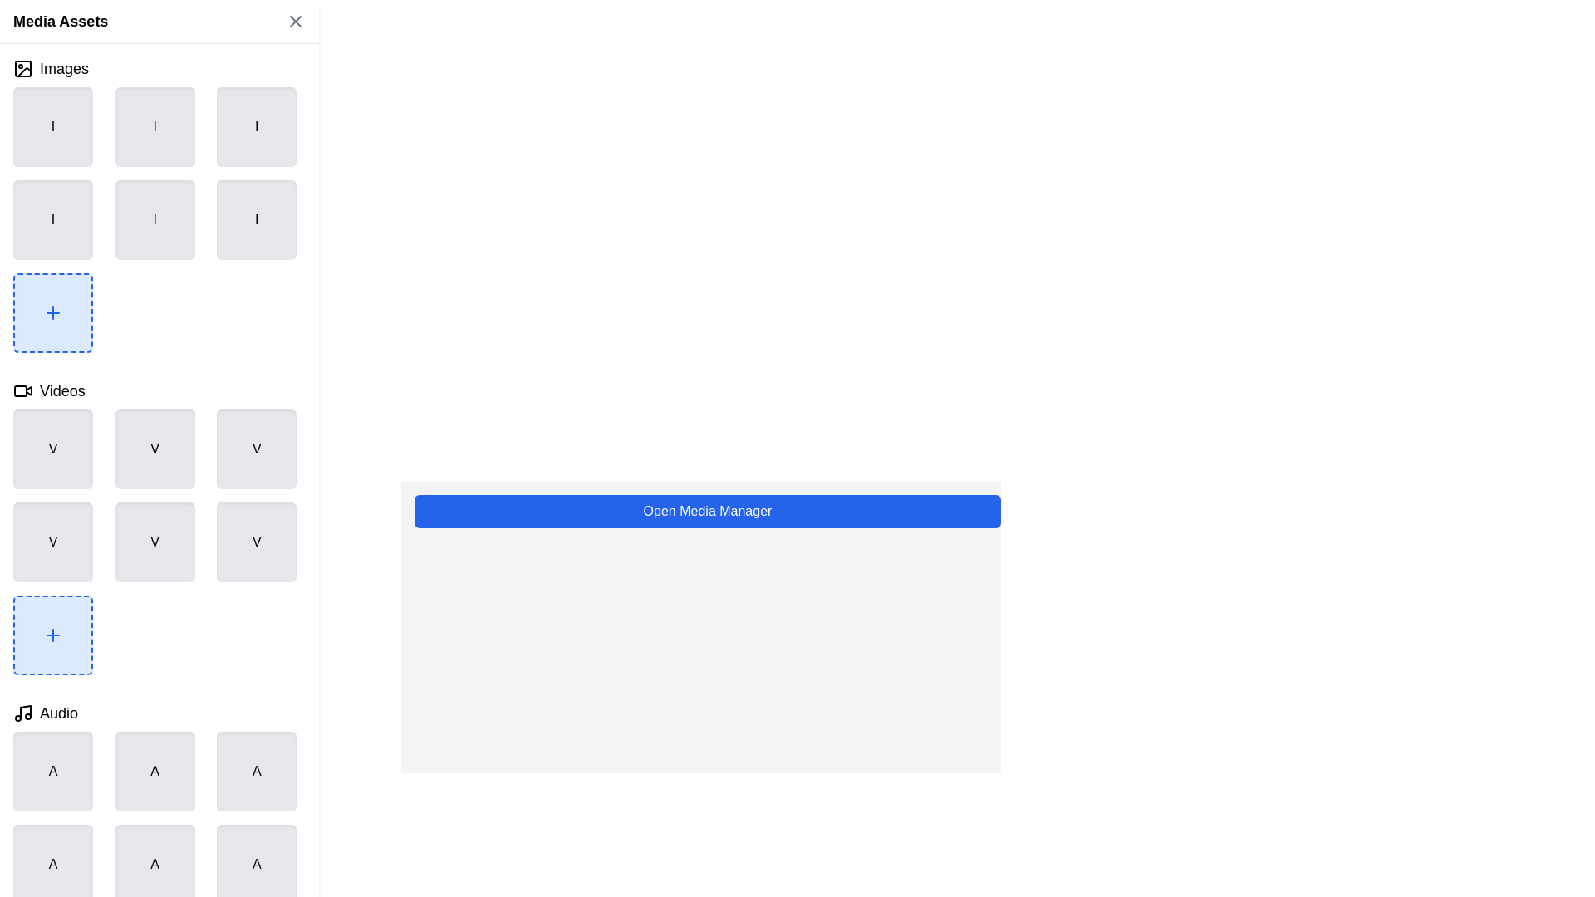 Image resolution: width=1595 pixels, height=897 pixels. I want to click on the visual placeholder or display box representing a video file located in the 'Videos' section, specifically the first element in the second row of the grid, so click(52, 542).